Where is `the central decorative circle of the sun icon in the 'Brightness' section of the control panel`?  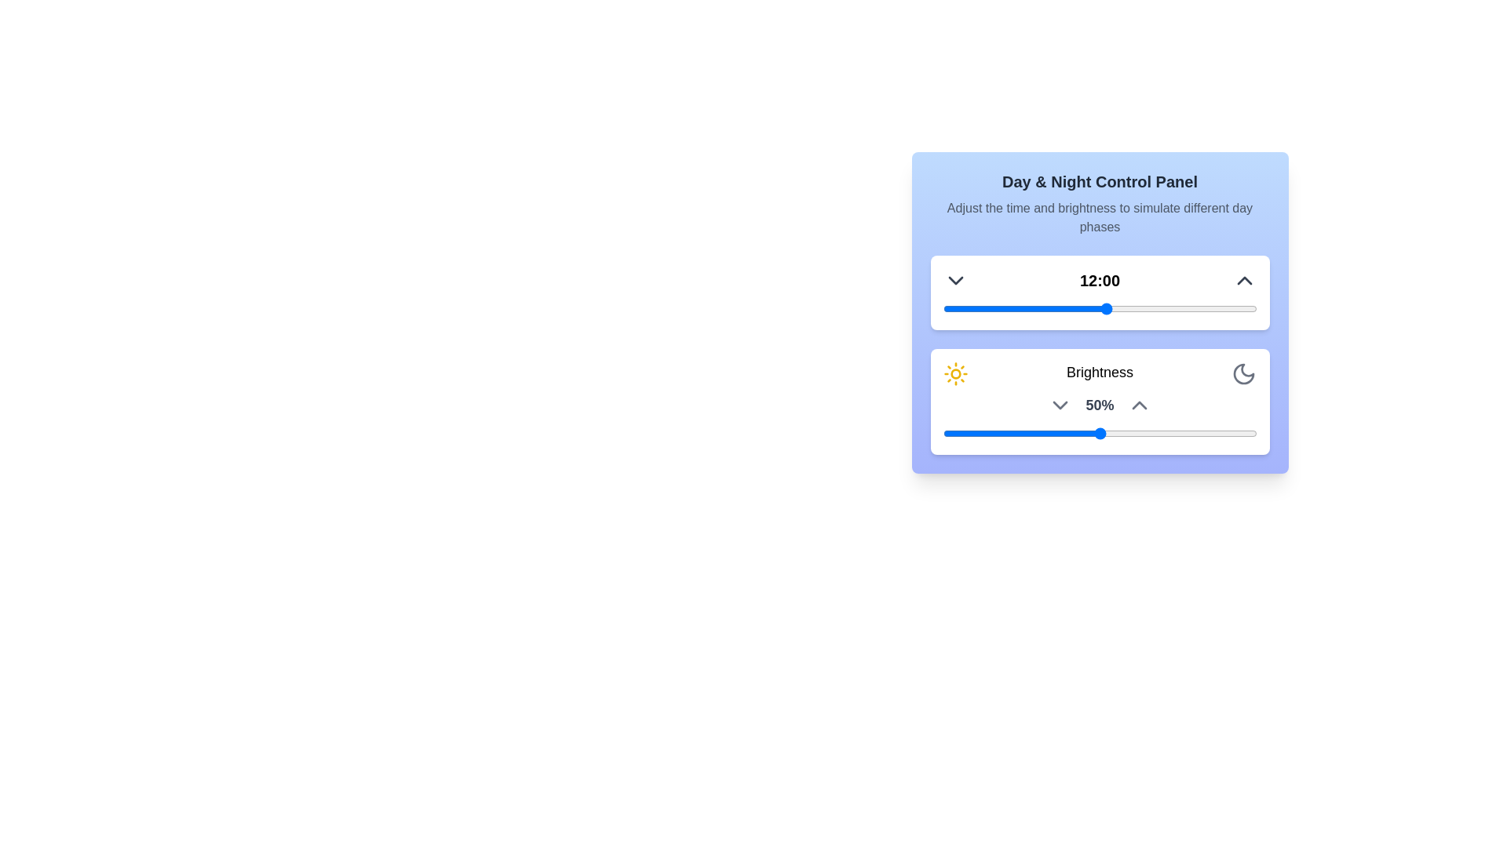 the central decorative circle of the sun icon in the 'Brightness' section of the control panel is located at coordinates (954, 374).